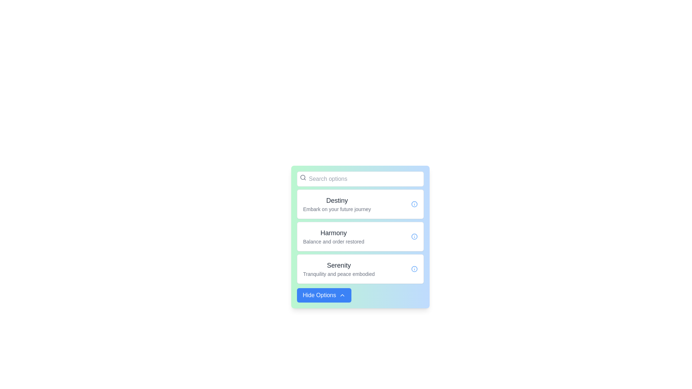  Describe the element at coordinates (338, 274) in the screenshot. I see `the descriptive text label related to the 'Serenity' option, which is located directly below the bold text labeled 'Serenity' in the bordered section of the interface` at that location.